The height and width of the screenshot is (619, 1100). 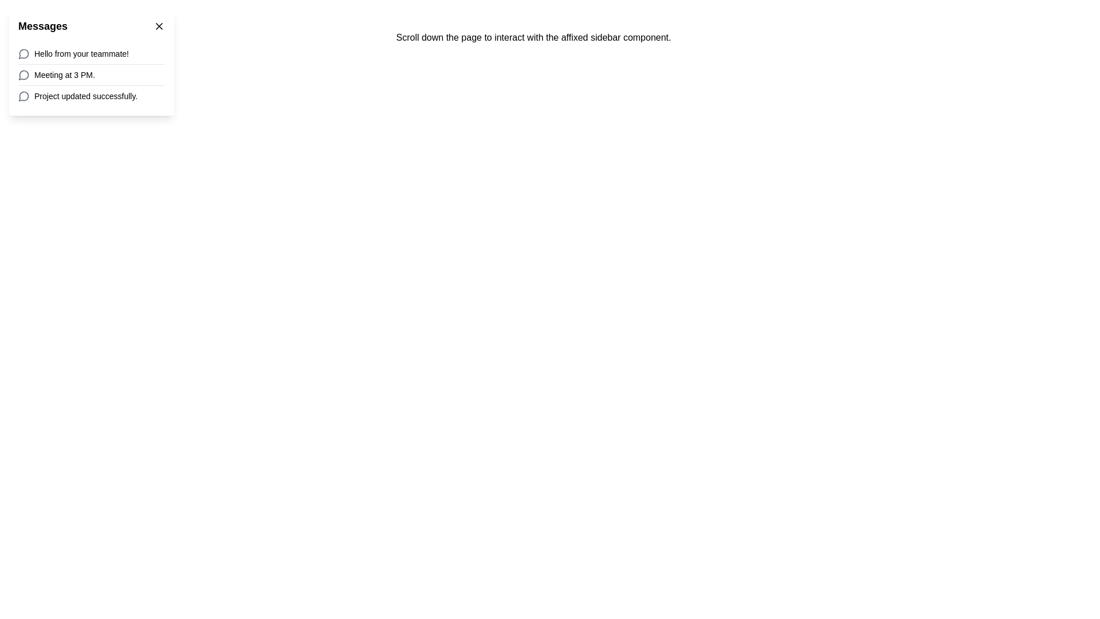 What do you see at coordinates (81, 53) in the screenshot?
I see `the first text message in the sidebar under the 'Messages' title, which serves as a notification for collaborative updates` at bounding box center [81, 53].